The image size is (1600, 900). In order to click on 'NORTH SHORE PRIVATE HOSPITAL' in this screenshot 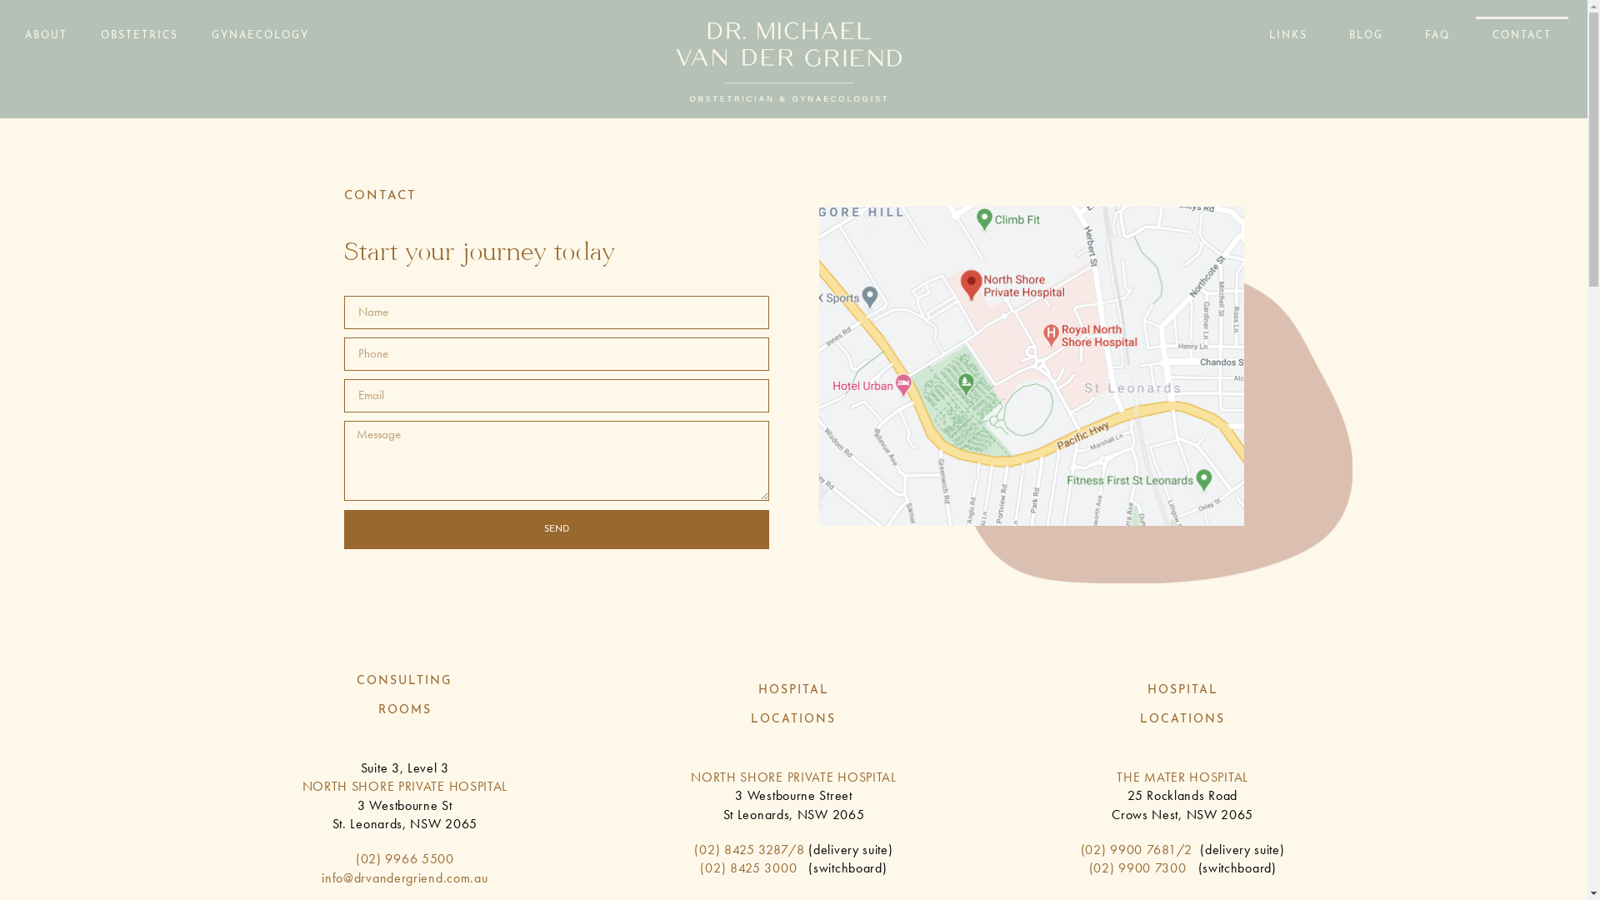, I will do `click(405, 786)`.